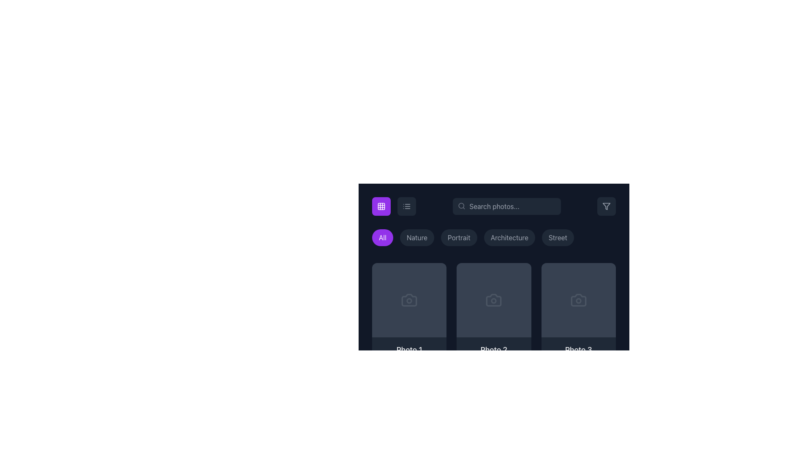  Describe the element at coordinates (458, 238) in the screenshot. I see `the button labeled 'Portrait'` at that location.